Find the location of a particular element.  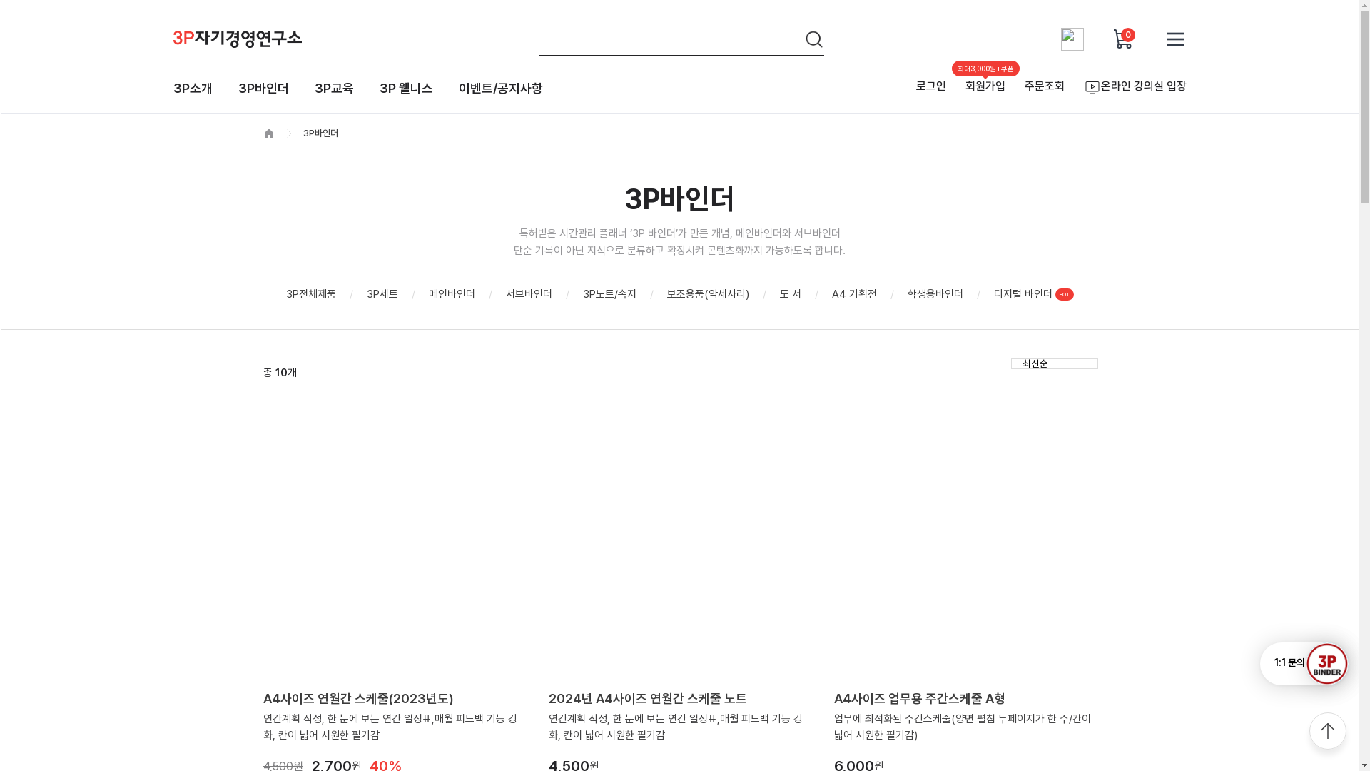

'0' is located at coordinates (1122, 38).